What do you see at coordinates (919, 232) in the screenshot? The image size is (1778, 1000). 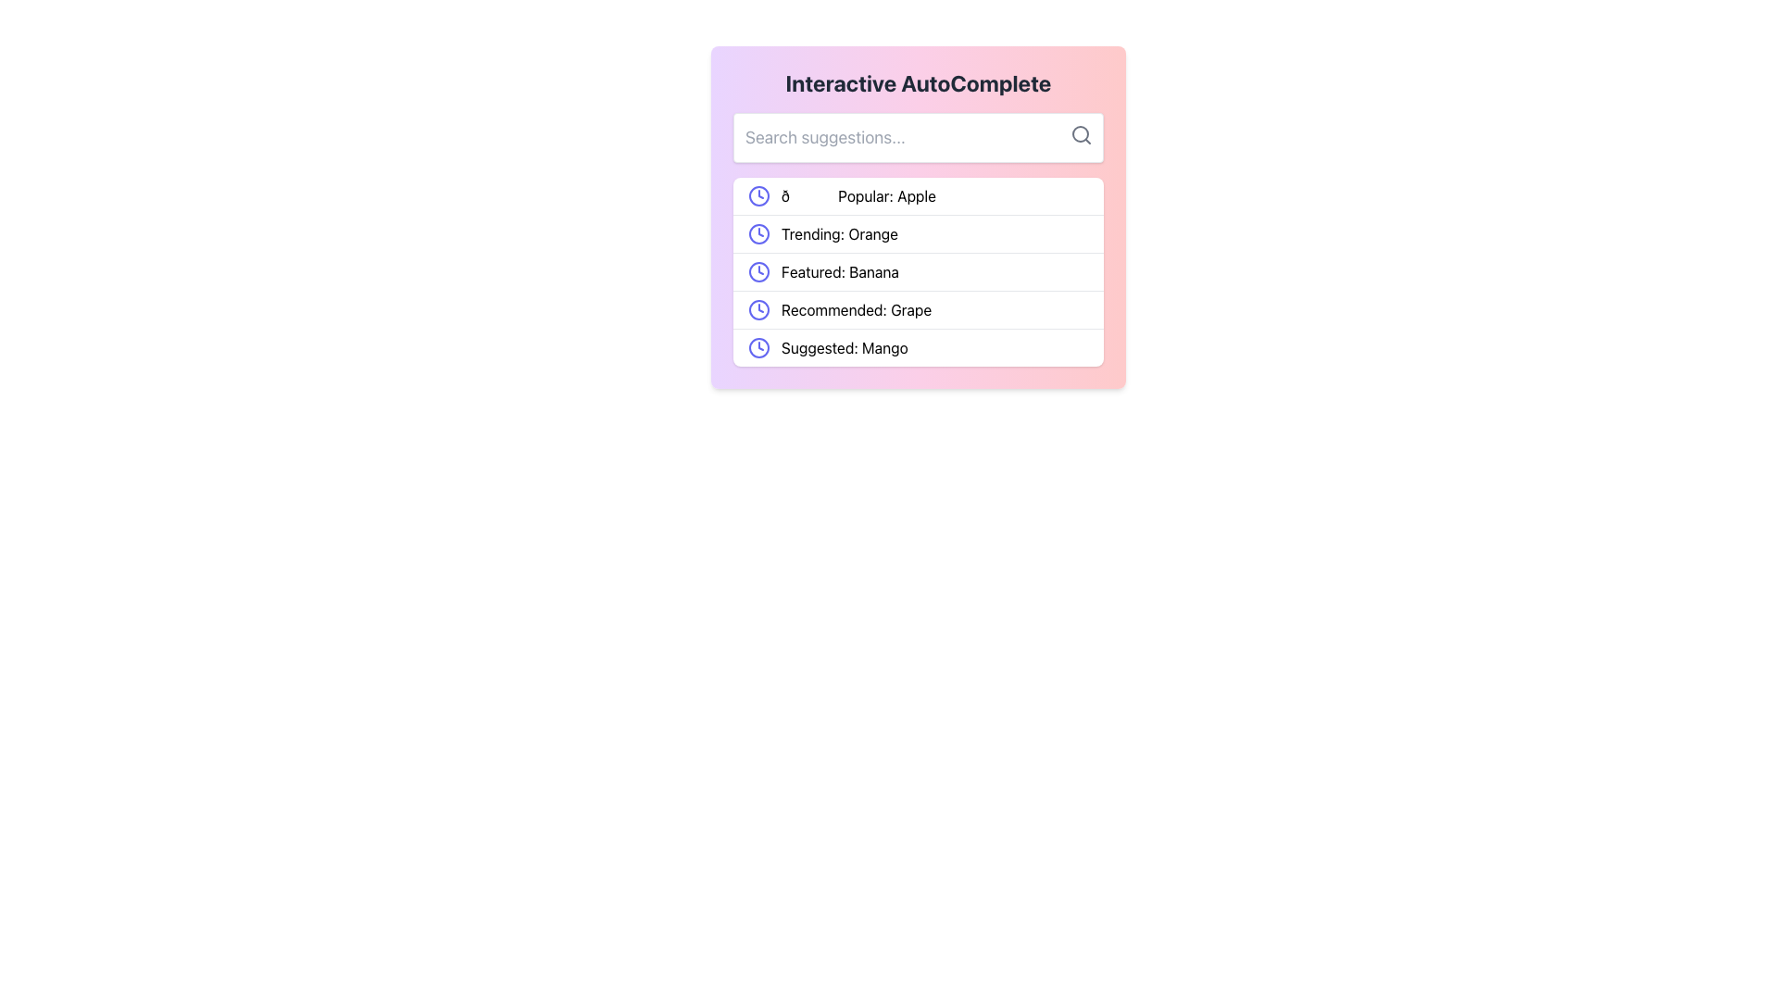 I see `the trending topic list item labeled as 'Orange', which is positioned below 'Popular: Apple' and above 'Featured: Banana'` at bounding box center [919, 232].